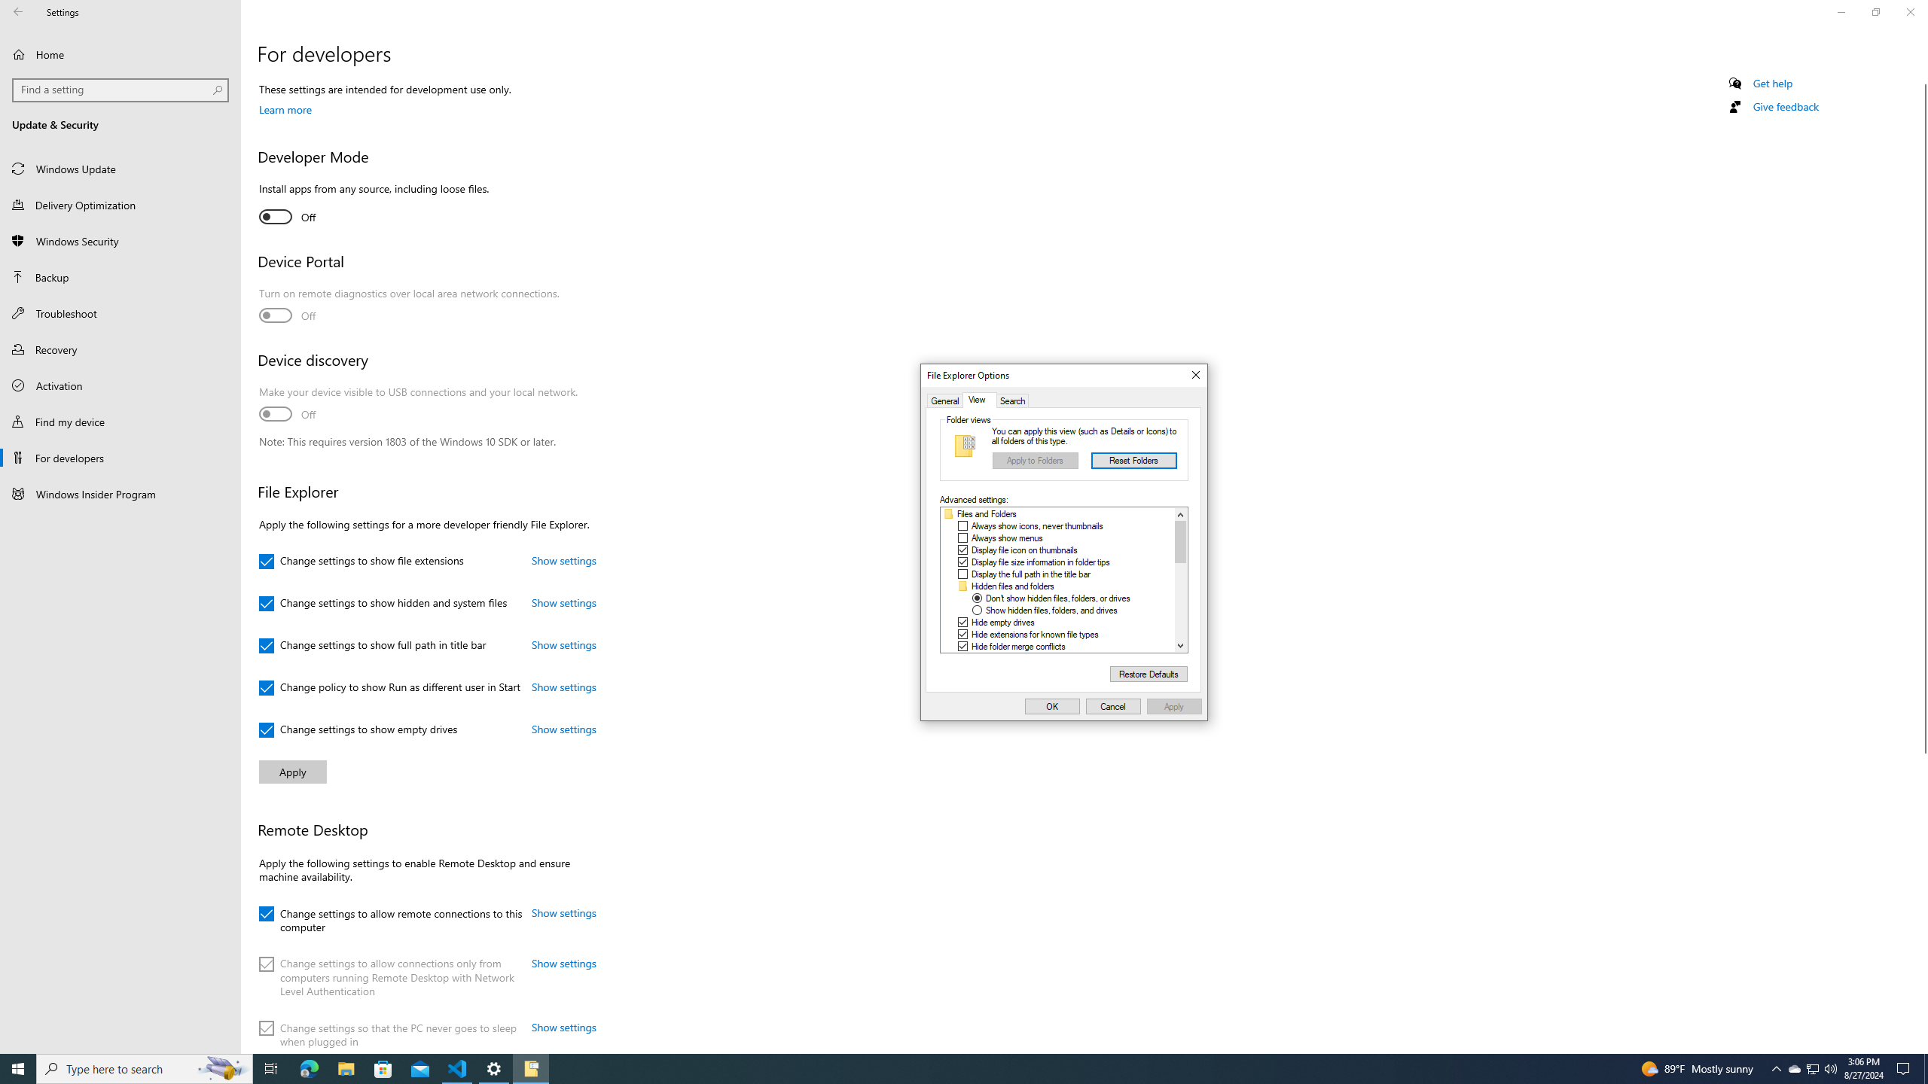 The width and height of the screenshot is (1928, 1084). What do you see at coordinates (1040, 562) in the screenshot?
I see `'Display file size information in folder tips'` at bounding box center [1040, 562].